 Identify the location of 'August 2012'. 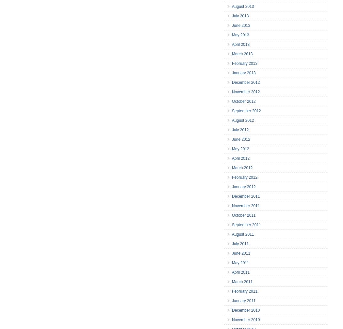
(242, 120).